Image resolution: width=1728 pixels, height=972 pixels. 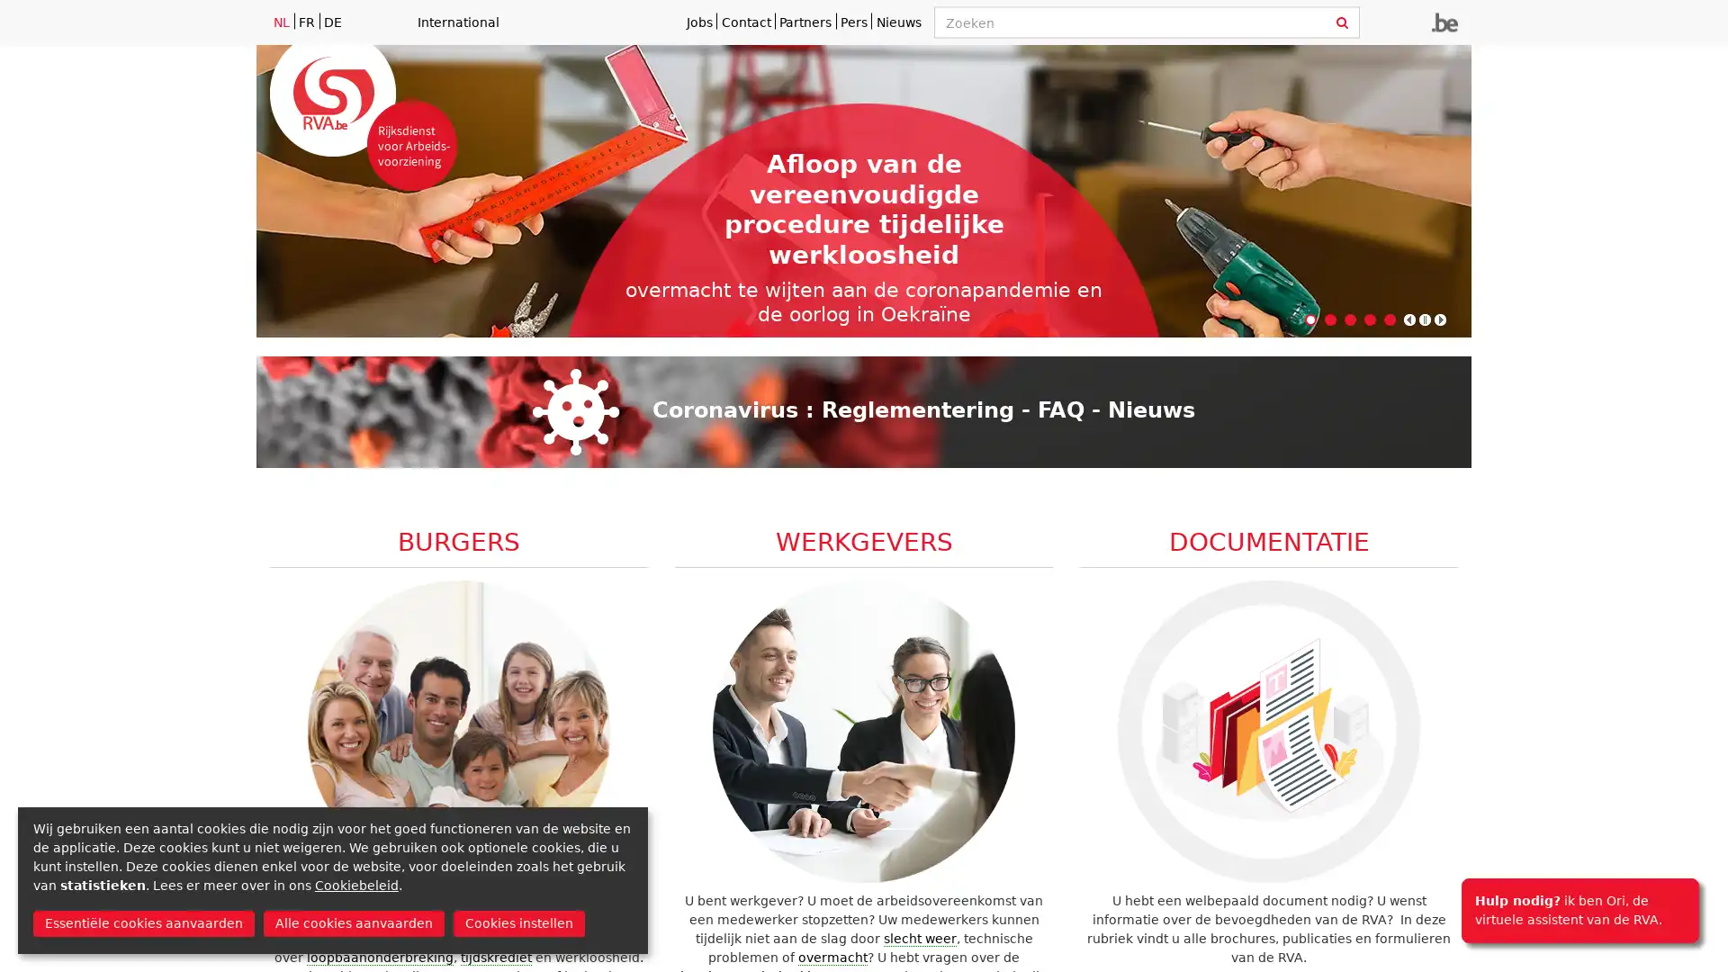 What do you see at coordinates (934, 38) in the screenshot?
I see `Zoeken` at bounding box center [934, 38].